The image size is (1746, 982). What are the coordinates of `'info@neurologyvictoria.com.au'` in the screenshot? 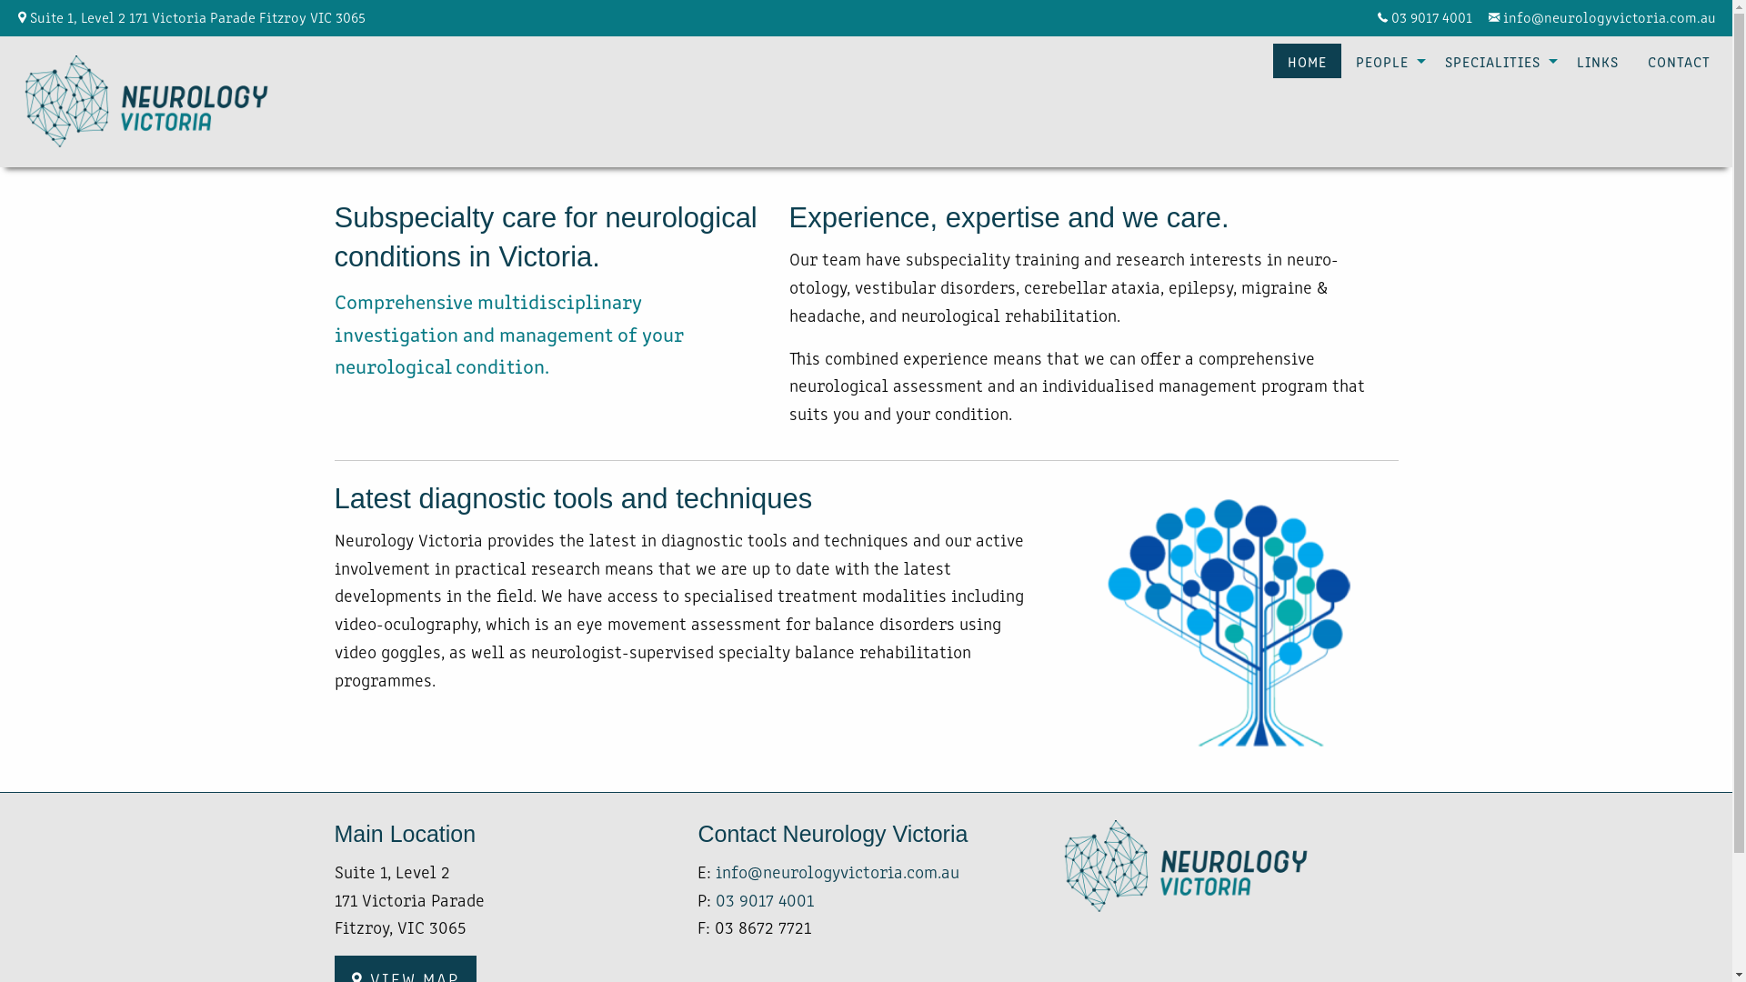 It's located at (1611, 17).